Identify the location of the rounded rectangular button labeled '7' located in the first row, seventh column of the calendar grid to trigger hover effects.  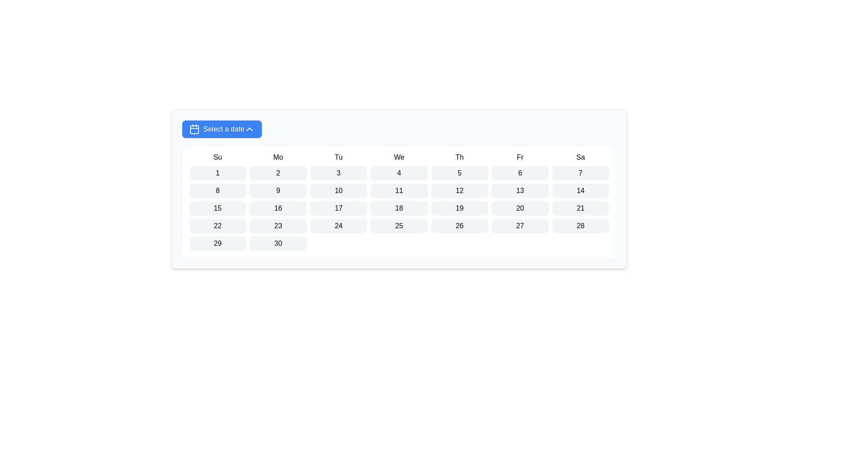
(580, 173).